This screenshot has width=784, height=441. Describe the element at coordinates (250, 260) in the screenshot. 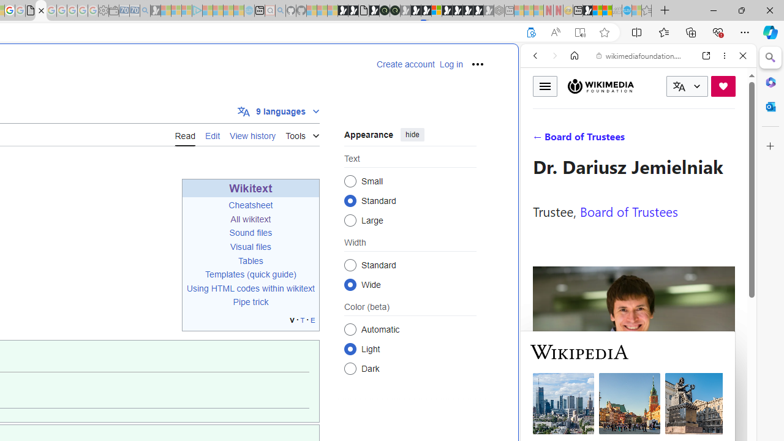

I see `'Tables'` at that location.